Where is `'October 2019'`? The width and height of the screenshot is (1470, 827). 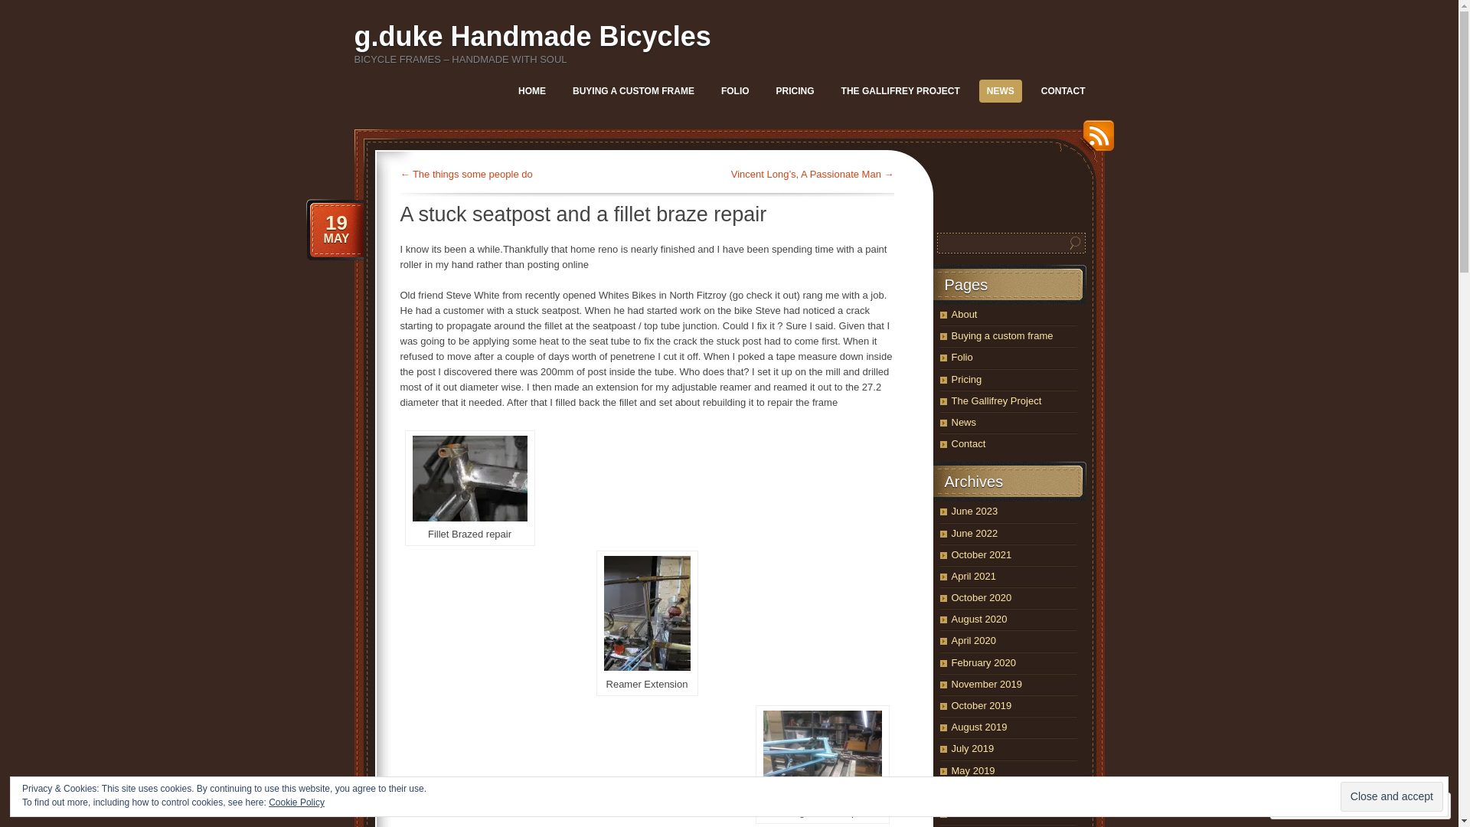 'October 2019' is located at coordinates (981, 705).